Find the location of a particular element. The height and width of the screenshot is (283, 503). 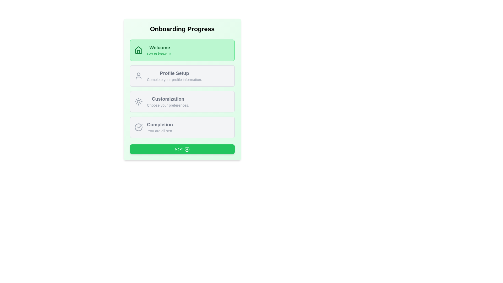

the text label displaying 'Completion' in bold dark-gray font, which is prominently positioned as the title of the last step in the onboarding progress section is located at coordinates (160, 124).